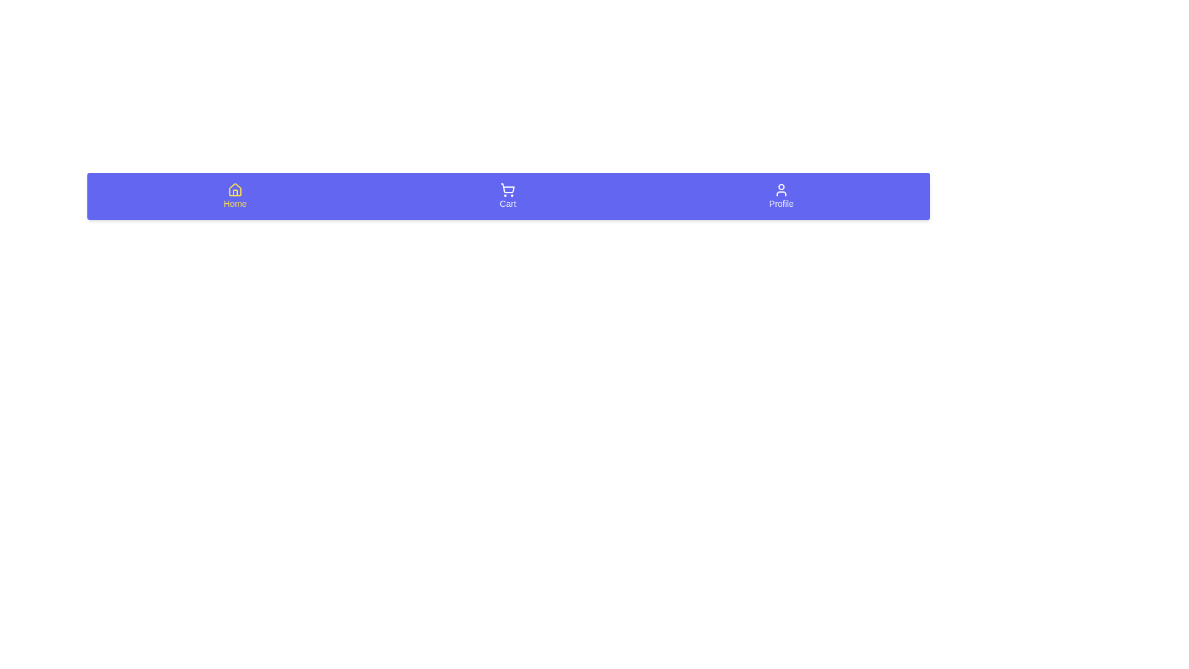  What do you see at coordinates (780, 195) in the screenshot?
I see `the Profile tab in the bottom navigation bar` at bounding box center [780, 195].